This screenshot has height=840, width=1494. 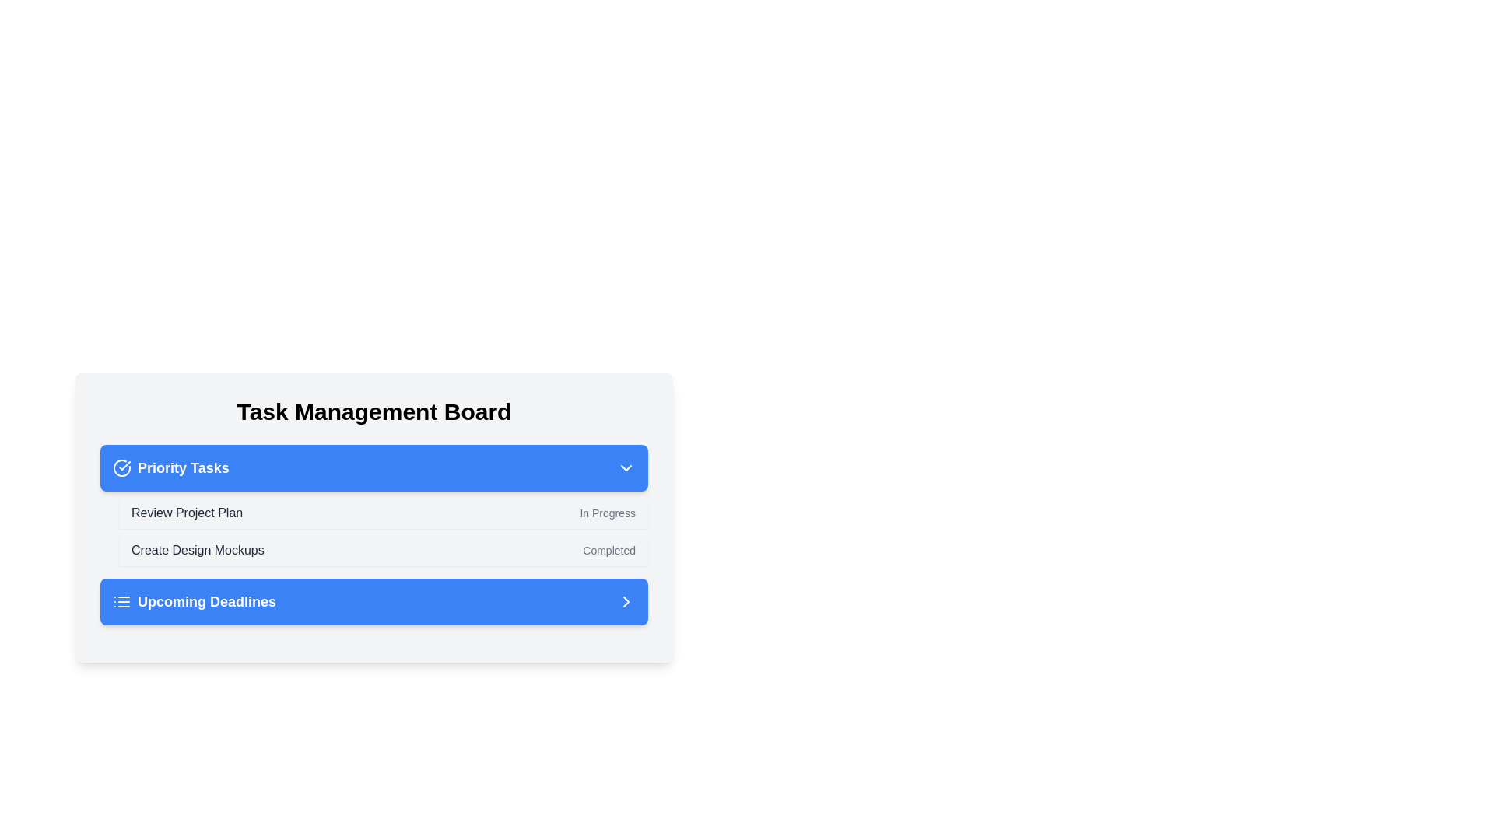 I want to click on the 'Priority Tasks' text label with a blue background located in the 'Task Management Board' section, so click(x=183, y=467).